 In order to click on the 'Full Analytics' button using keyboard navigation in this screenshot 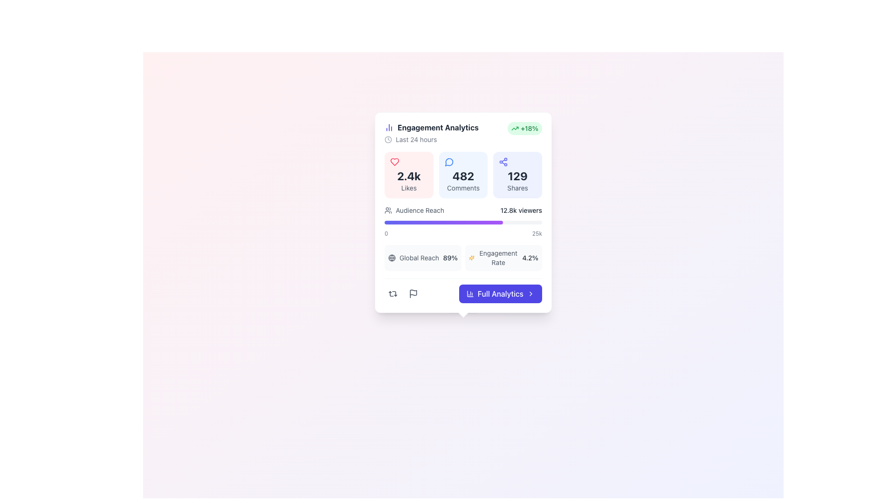, I will do `click(463, 290)`.